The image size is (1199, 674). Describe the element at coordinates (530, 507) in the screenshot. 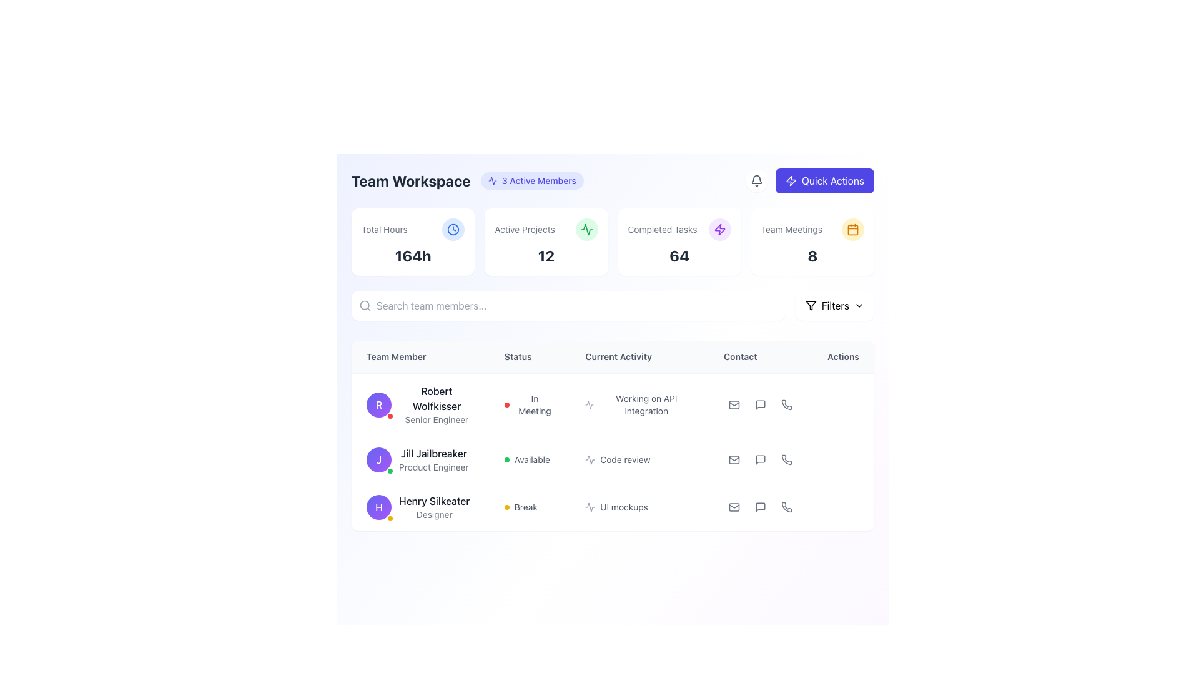

I see `the Status indicator displaying 'Break' with a yellow circular indicator next to it in the 'Status' column for 'Henry Silkeater, Designer.'` at that location.